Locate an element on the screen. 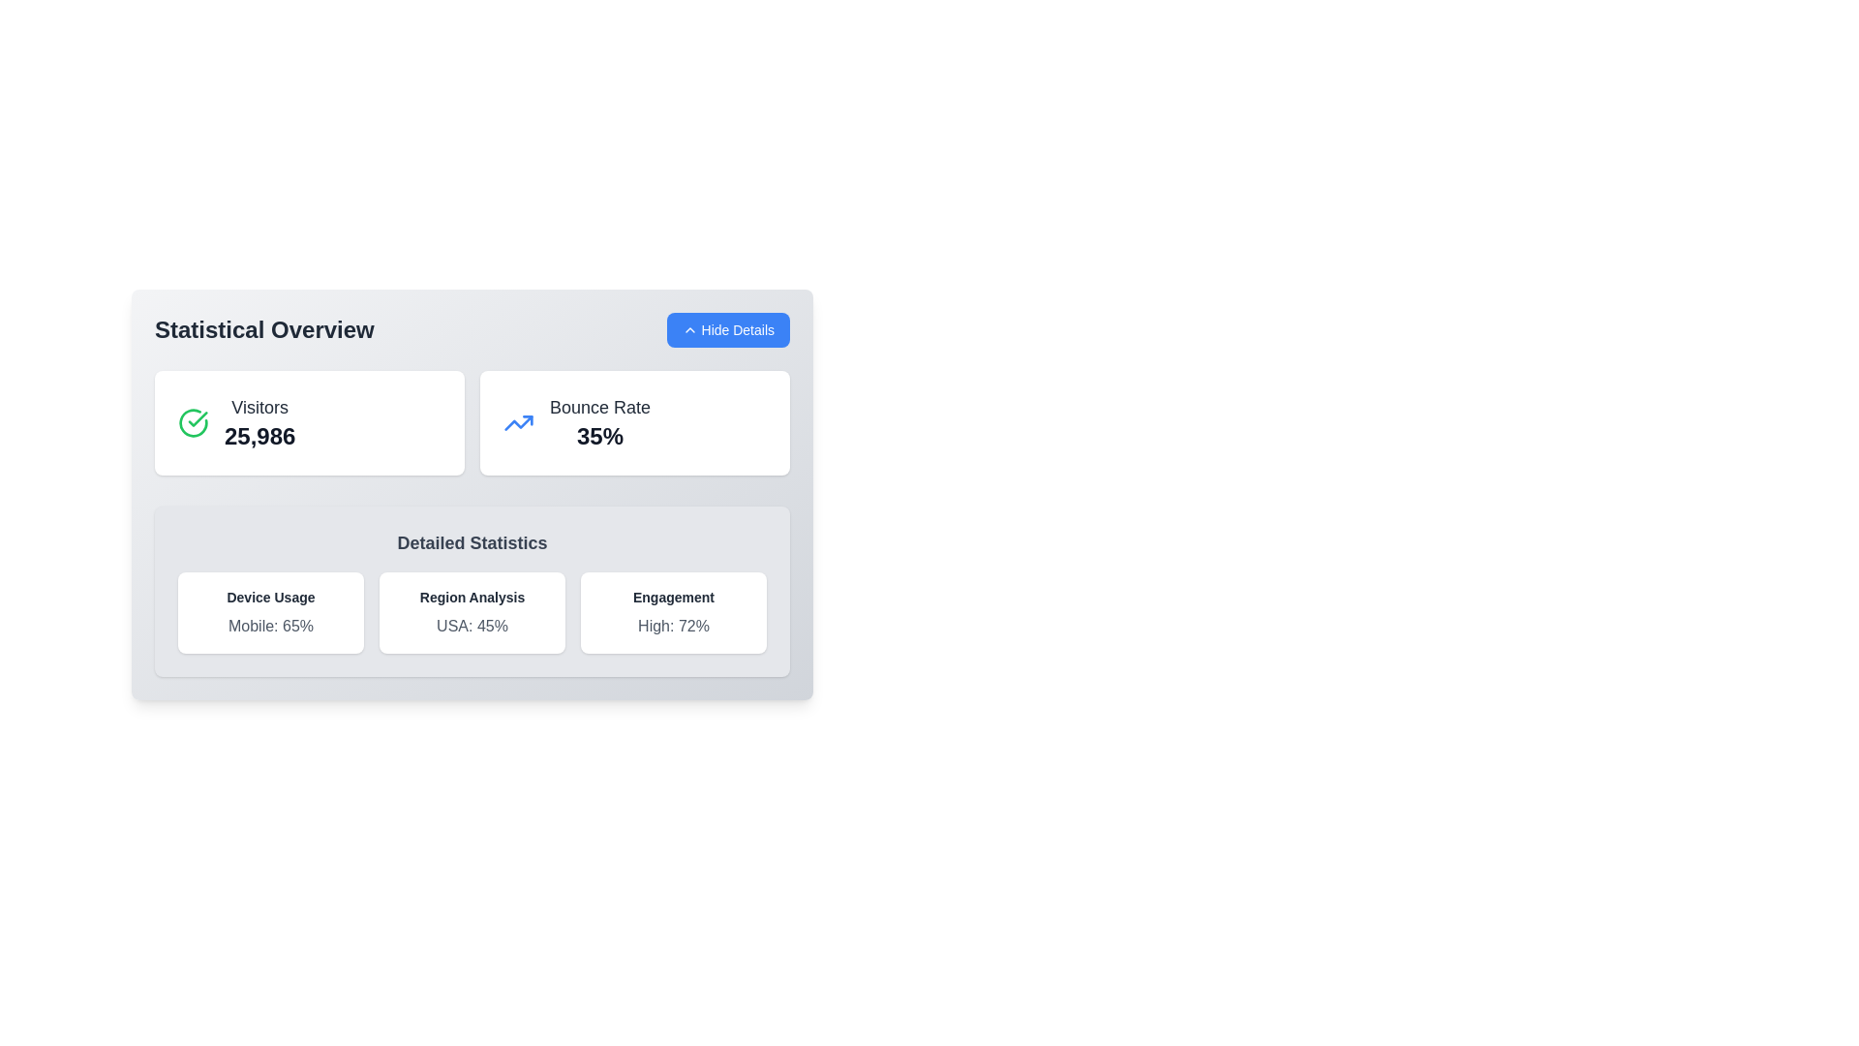 This screenshot has width=1859, height=1046. the green circular icon with a checkmark inside it, located to the left of the text 'Visitors' in the upper section of the card component titled 'Visitors' is located at coordinates (194, 421).